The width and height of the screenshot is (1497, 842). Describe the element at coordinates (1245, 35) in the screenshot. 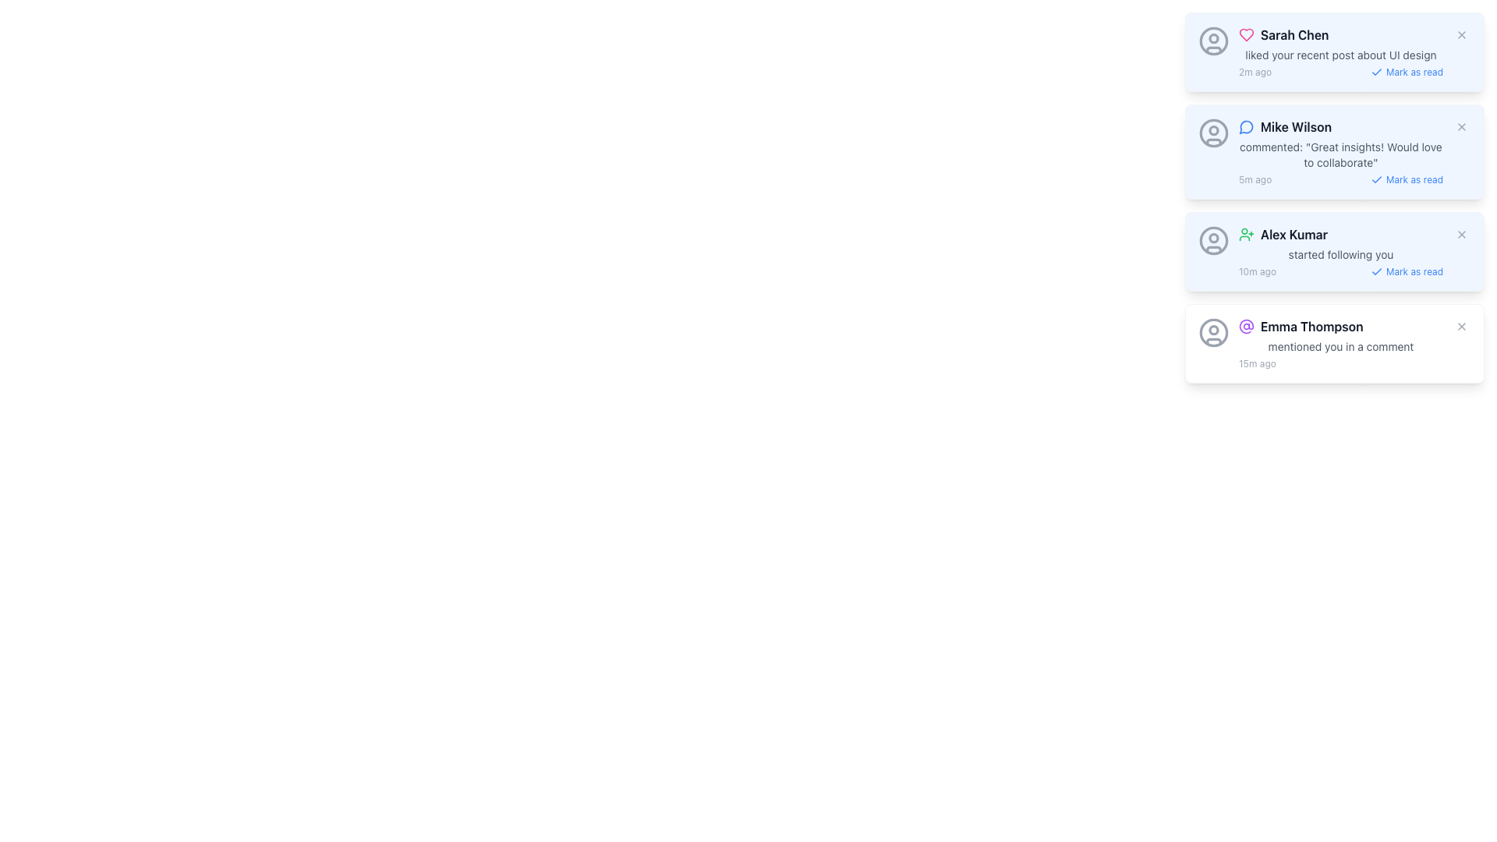

I see `the heart icon that signifies a 'like' action in the notification related to 'Sarah Chen', located at the top right of the notifications list` at that location.